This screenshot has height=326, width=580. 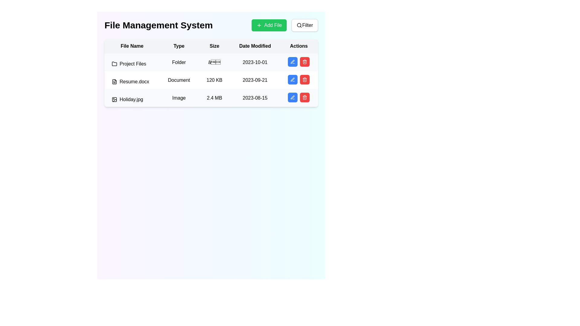 What do you see at coordinates (305, 97) in the screenshot?
I see `the delete button icon for the file 'Holiday.jpg' in the last row of the table to potentially view a tooltip` at bounding box center [305, 97].